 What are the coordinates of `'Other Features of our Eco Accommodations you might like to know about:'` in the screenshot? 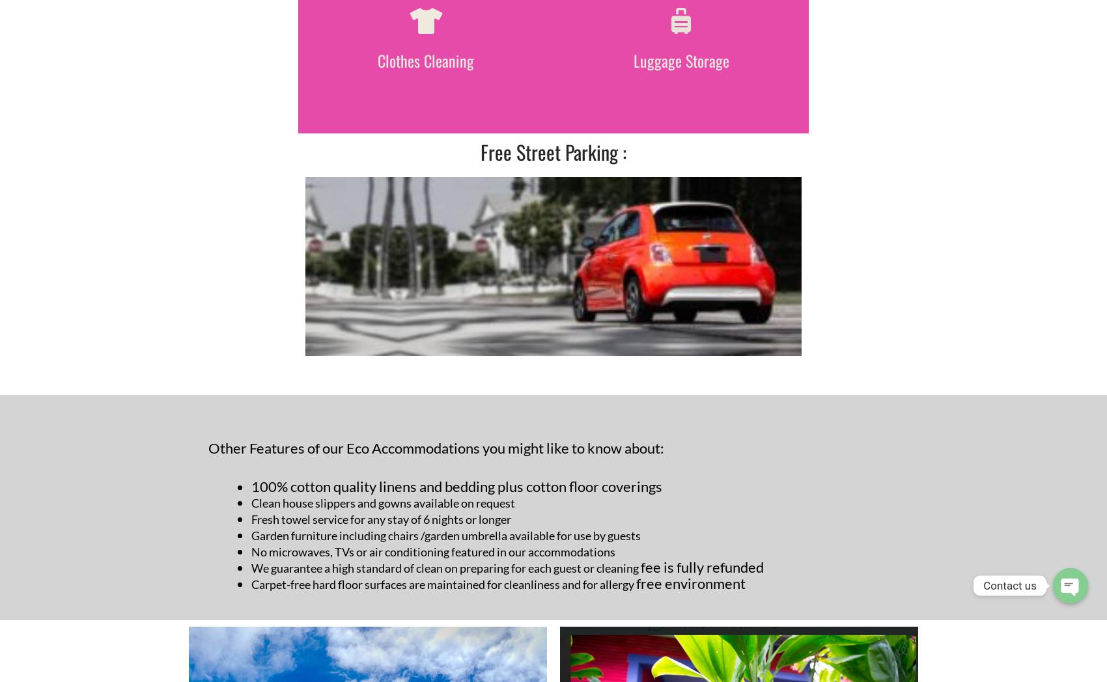 It's located at (436, 448).